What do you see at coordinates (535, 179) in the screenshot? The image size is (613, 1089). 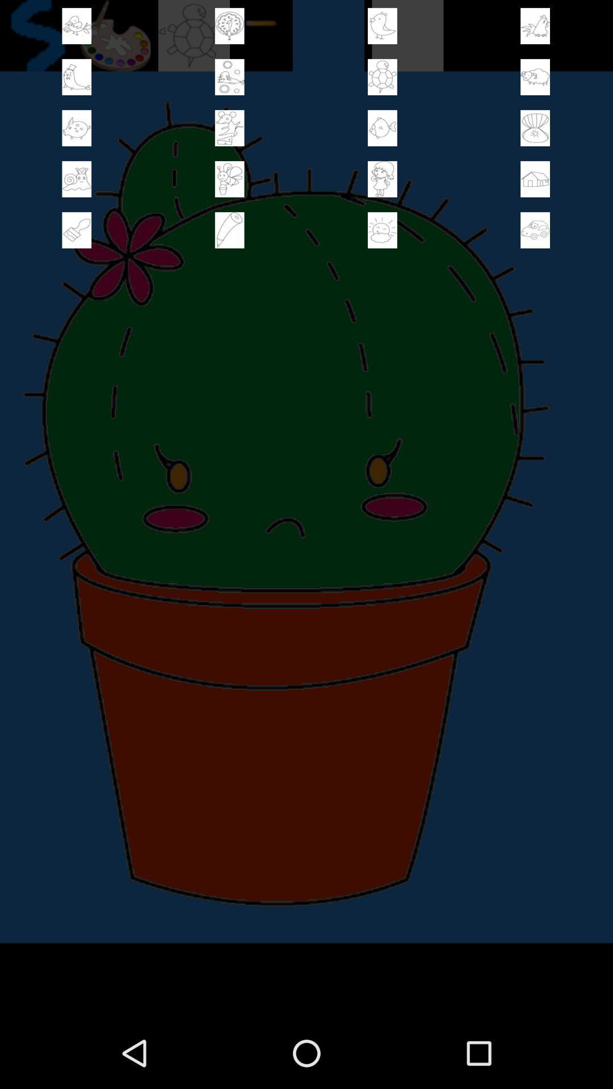 I see `content selection` at bounding box center [535, 179].